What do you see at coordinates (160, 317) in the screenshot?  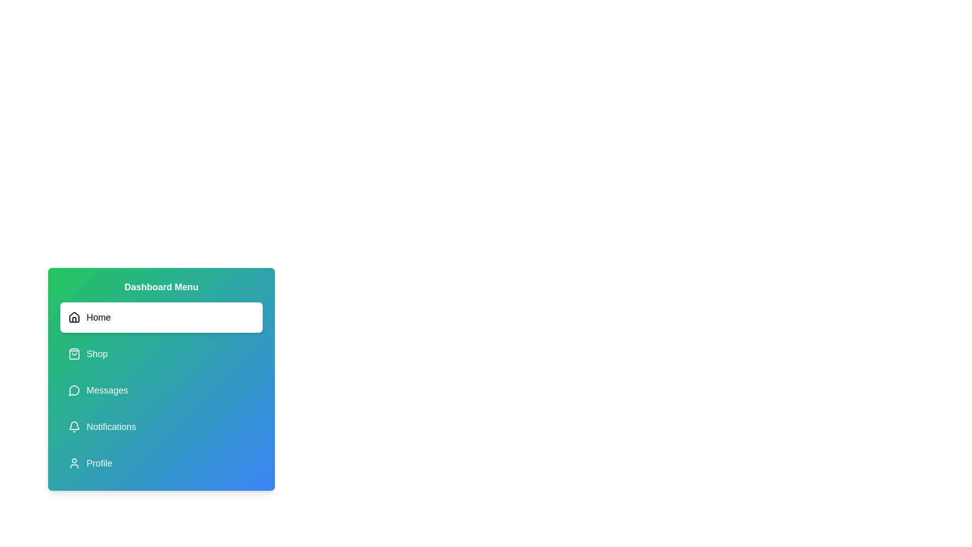 I see `the menu item corresponding to Home to view its icon` at bounding box center [160, 317].